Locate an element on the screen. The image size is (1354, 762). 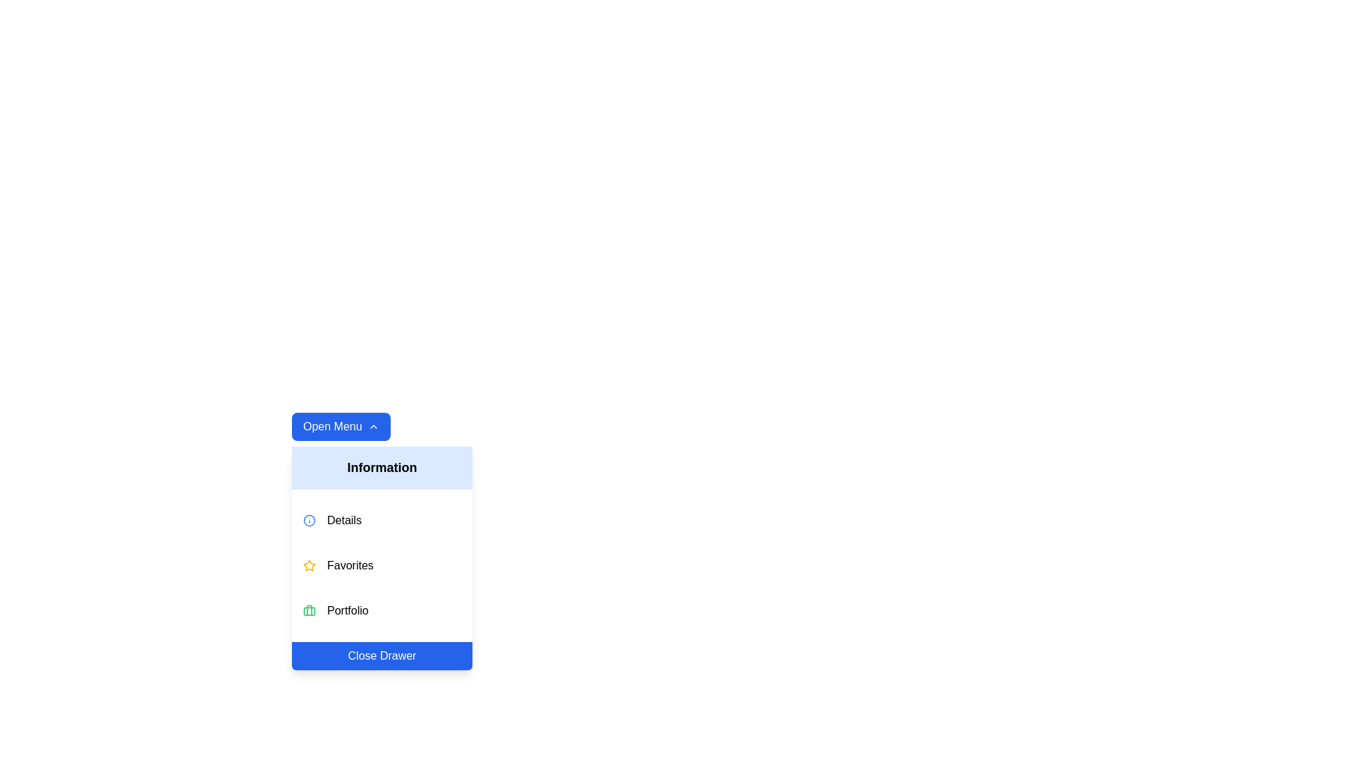
the visual representation of the 'Favorites' icon, which is located to the left of the 'Favorites' text in the vertical list of menu options, specifically below 'Details' and above 'Portfolio' is located at coordinates (308, 564).